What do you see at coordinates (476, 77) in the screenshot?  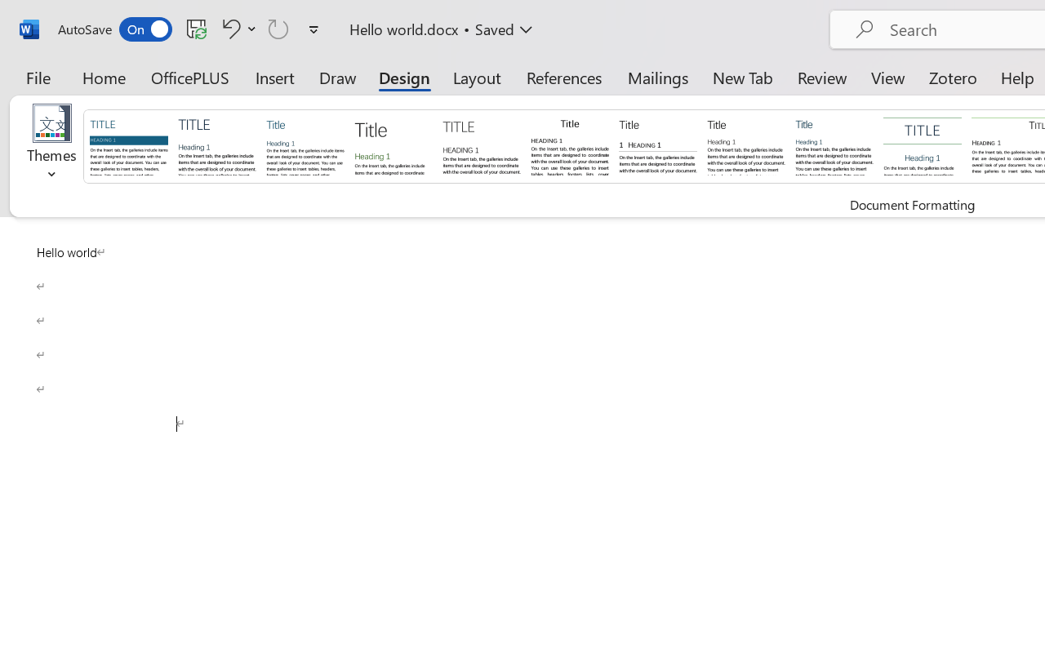 I see `'Layout'` at bounding box center [476, 77].